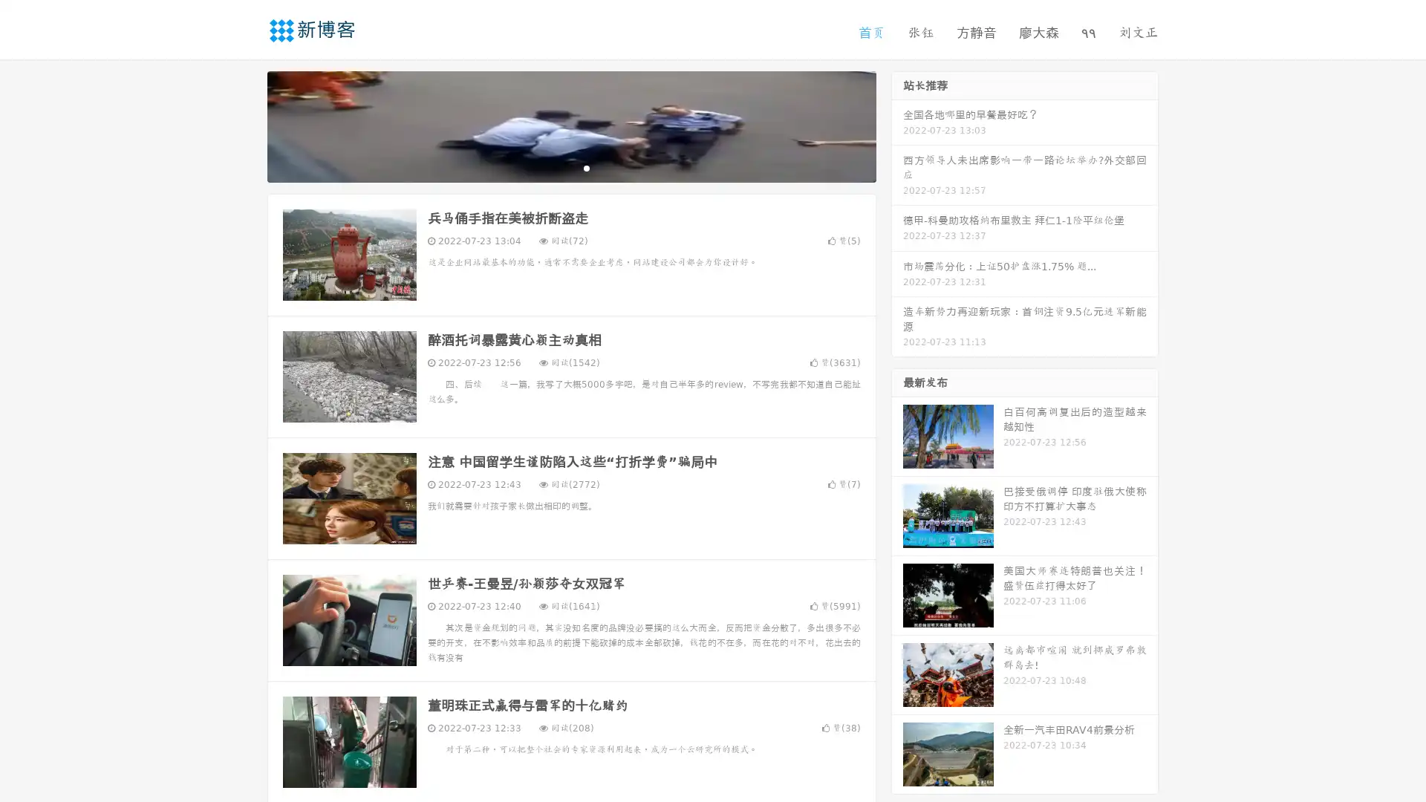  What do you see at coordinates (897, 125) in the screenshot?
I see `Next slide` at bounding box center [897, 125].